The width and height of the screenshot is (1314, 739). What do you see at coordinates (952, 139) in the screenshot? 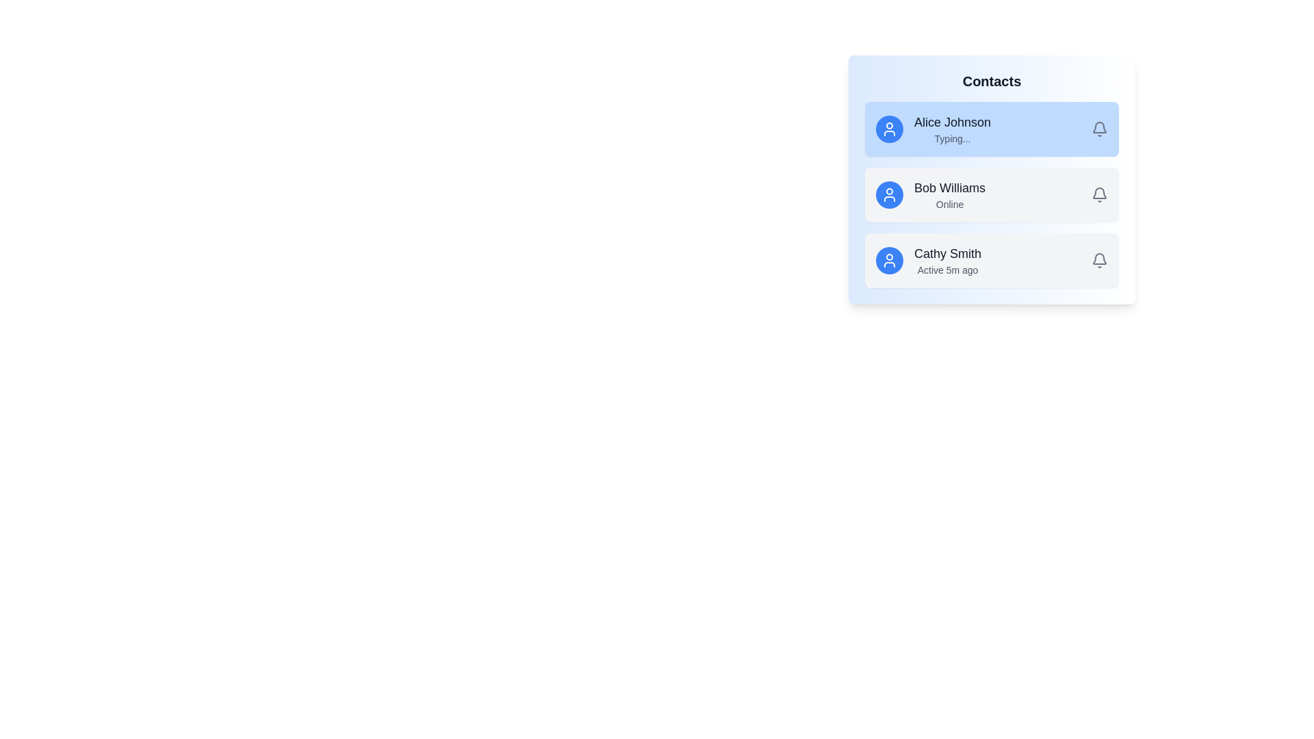
I see `the text label displaying 'Typing...' located directly below 'Alice Johnson' in the contact list` at bounding box center [952, 139].